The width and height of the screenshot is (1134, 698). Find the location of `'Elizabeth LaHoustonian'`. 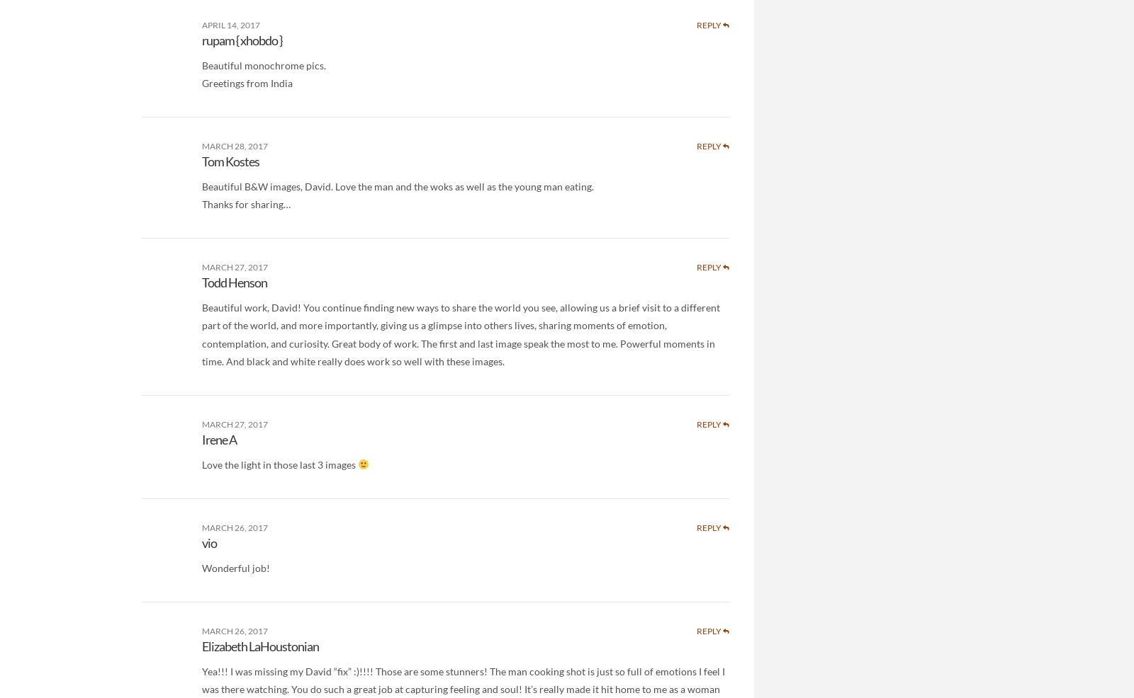

'Elizabeth LaHoustonian' is located at coordinates (260, 646).